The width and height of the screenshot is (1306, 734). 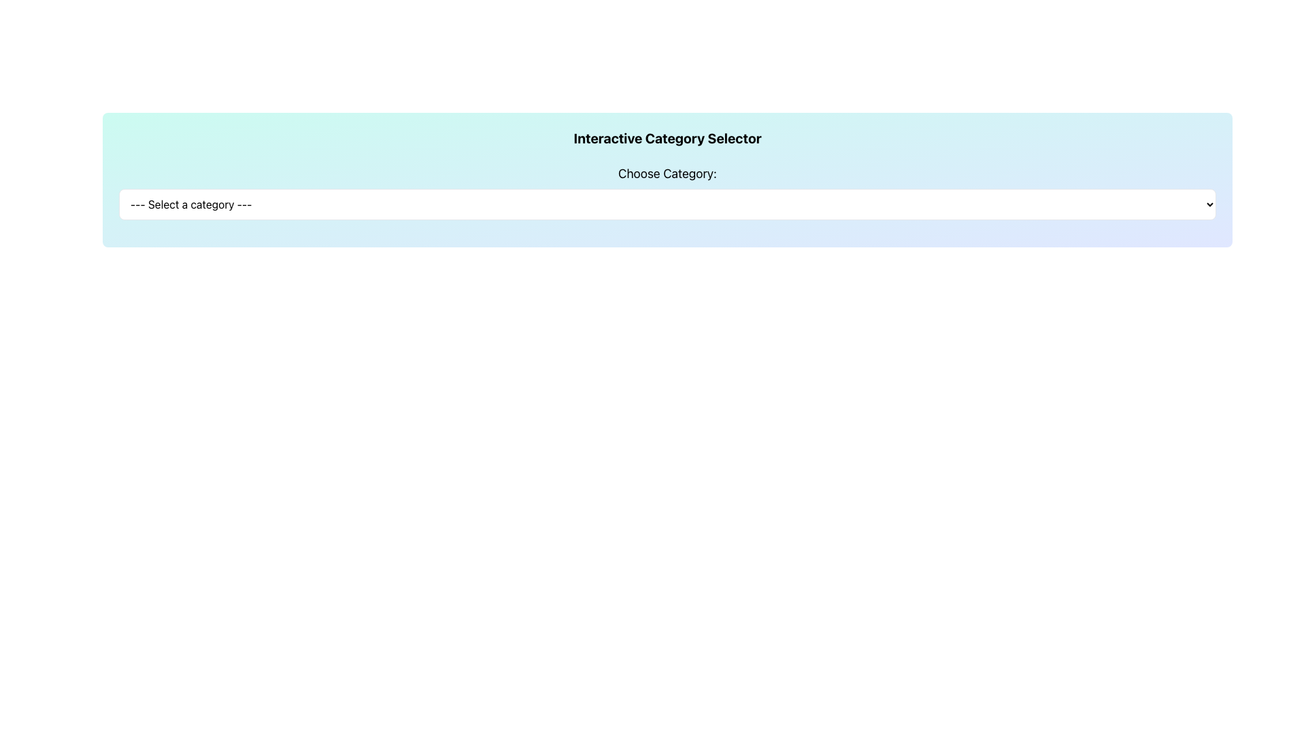 What do you see at coordinates (667, 192) in the screenshot?
I see `the dropdown menu labeled 'Choose Category:'` at bounding box center [667, 192].